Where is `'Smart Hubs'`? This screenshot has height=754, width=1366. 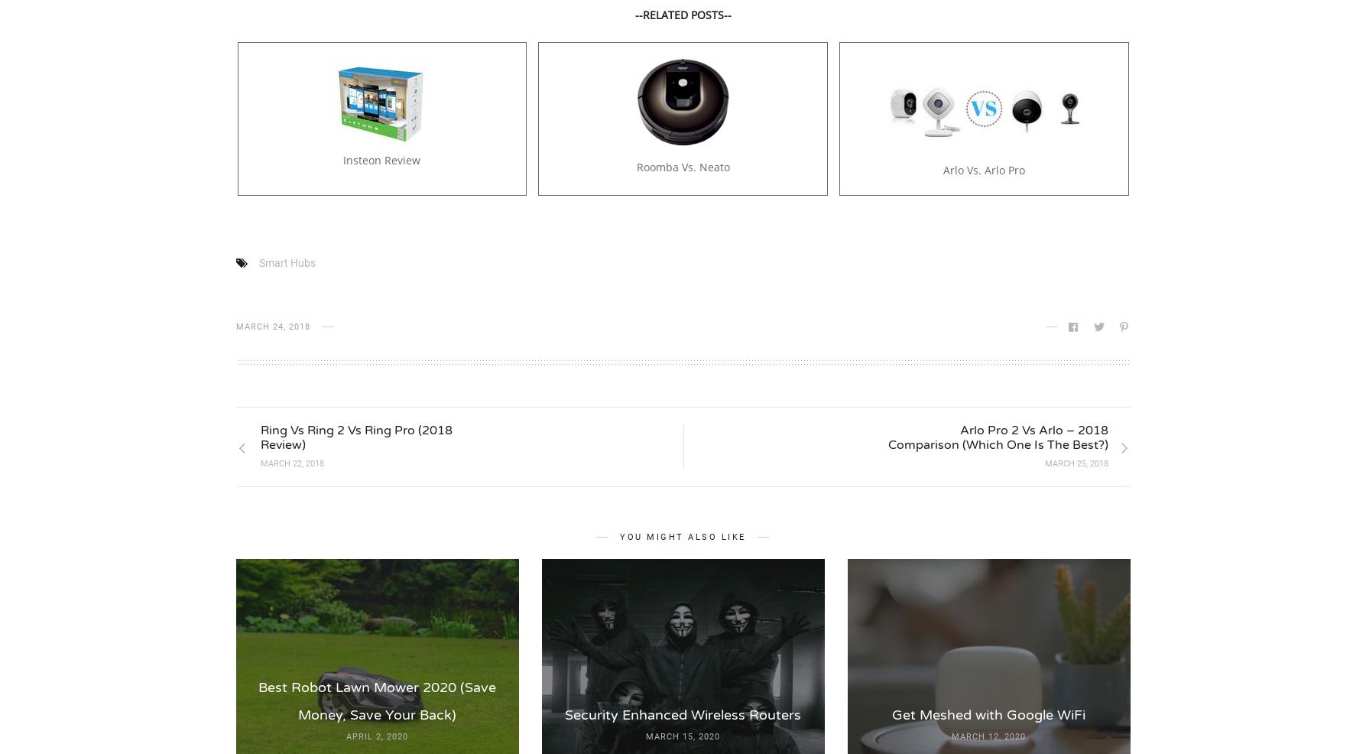
'Smart Hubs' is located at coordinates (257, 262).